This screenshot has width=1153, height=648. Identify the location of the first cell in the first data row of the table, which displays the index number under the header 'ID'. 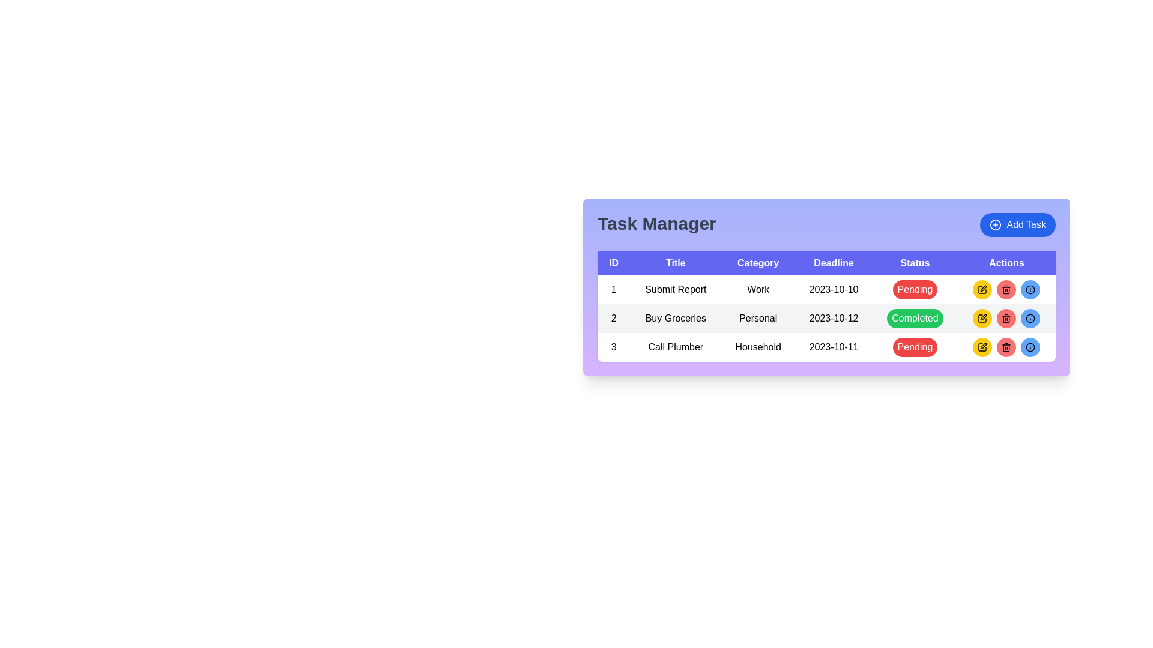
(614, 289).